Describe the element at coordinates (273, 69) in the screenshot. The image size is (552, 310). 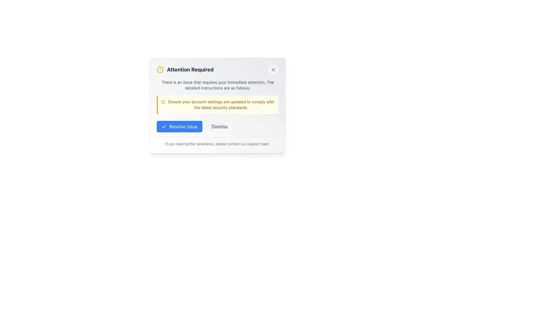
I see `the close button icon represented by a diagonal cross (X) shape, located in the top-right corner of the modal` at that location.